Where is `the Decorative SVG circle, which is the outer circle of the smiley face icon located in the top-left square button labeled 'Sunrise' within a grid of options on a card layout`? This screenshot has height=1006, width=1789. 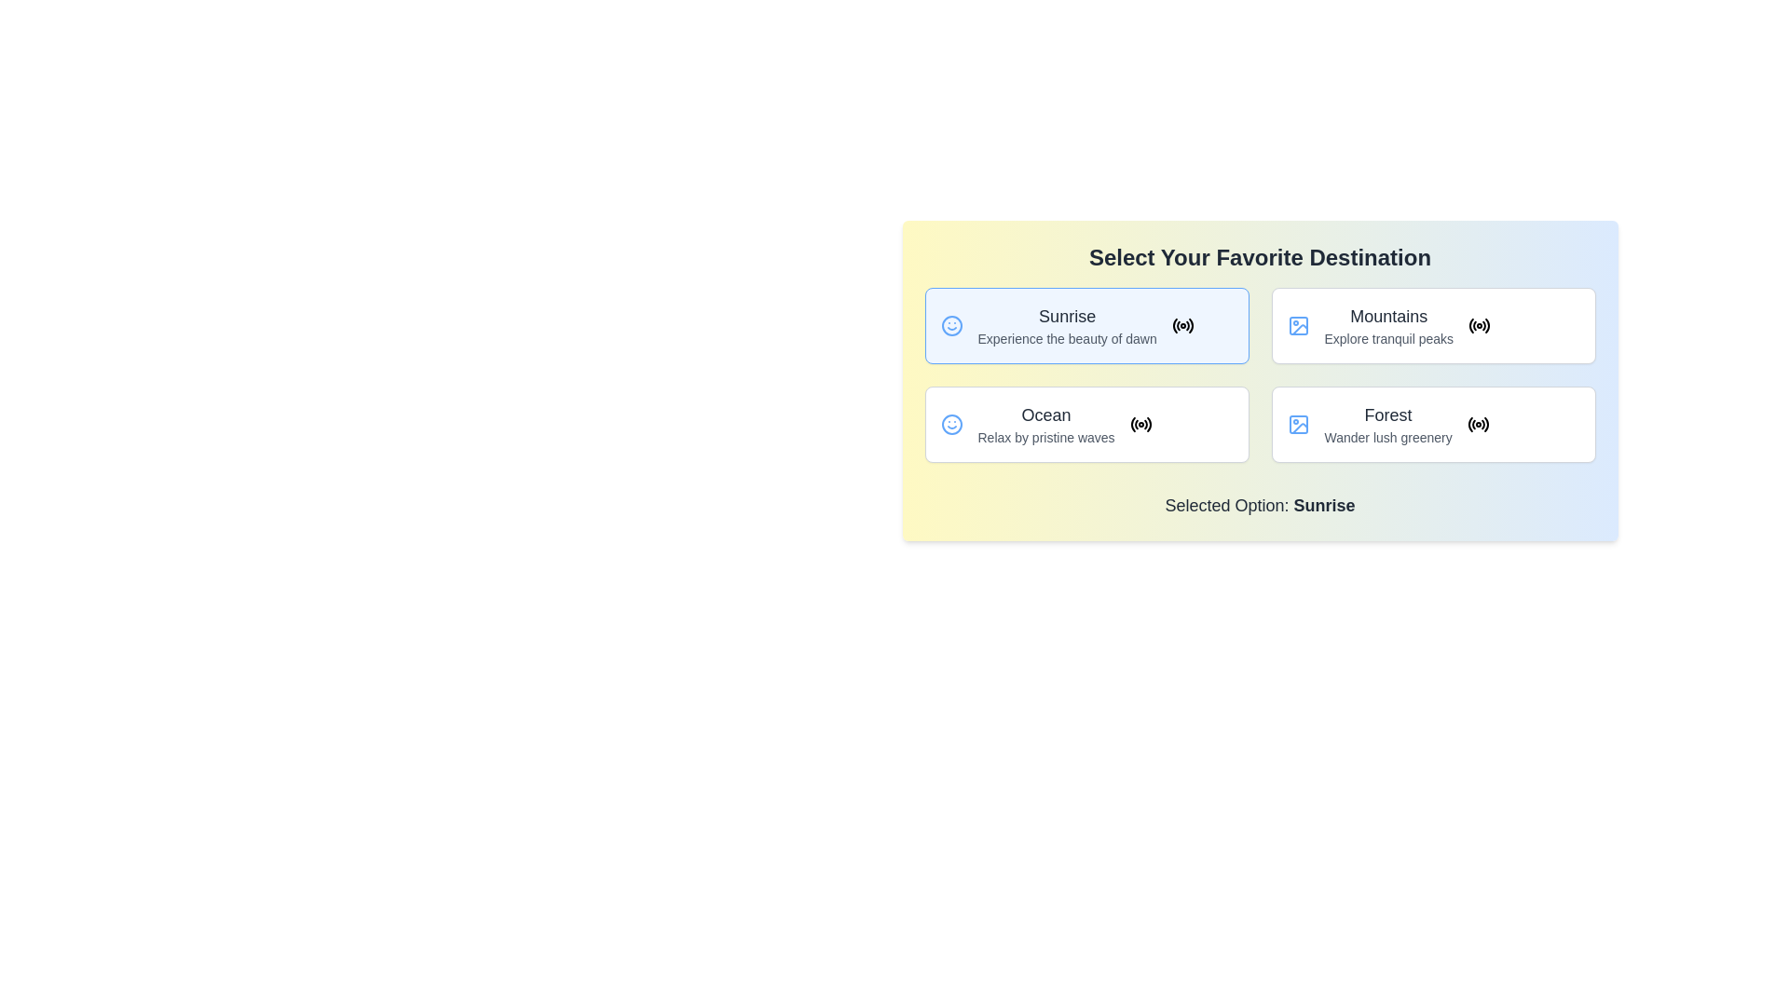 the Decorative SVG circle, which is the outer circle of the smiley face icon located in the top-left square button labeled 'Sunrise' within a grid of options on a card layout is located at coordinates (951, 424).